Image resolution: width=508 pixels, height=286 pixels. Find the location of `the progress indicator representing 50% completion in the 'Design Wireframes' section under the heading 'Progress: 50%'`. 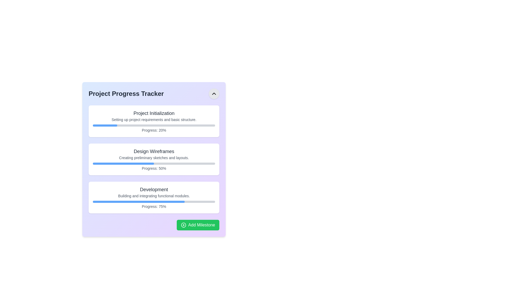

the progress indicator representing 50% completion in the 'Design Wireframes' section under the heading 'Progress: 50%' is located at coordinates (123, 163).